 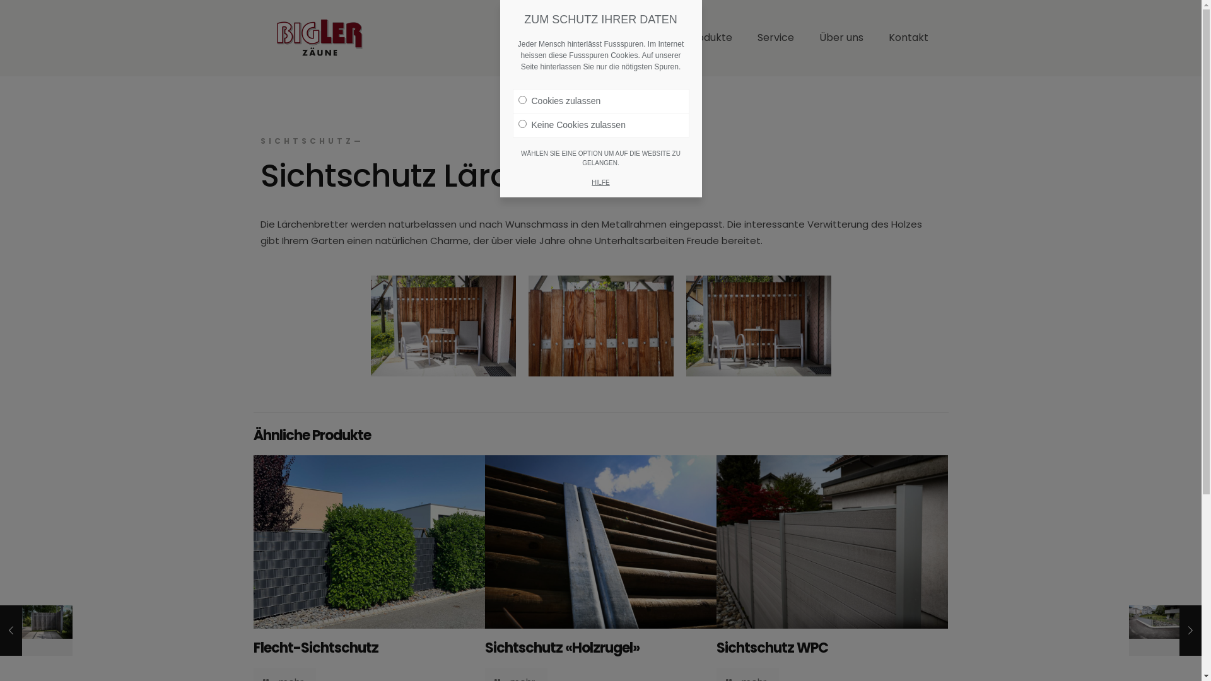 I want to click on 'Home', so click(x=646, y=37).